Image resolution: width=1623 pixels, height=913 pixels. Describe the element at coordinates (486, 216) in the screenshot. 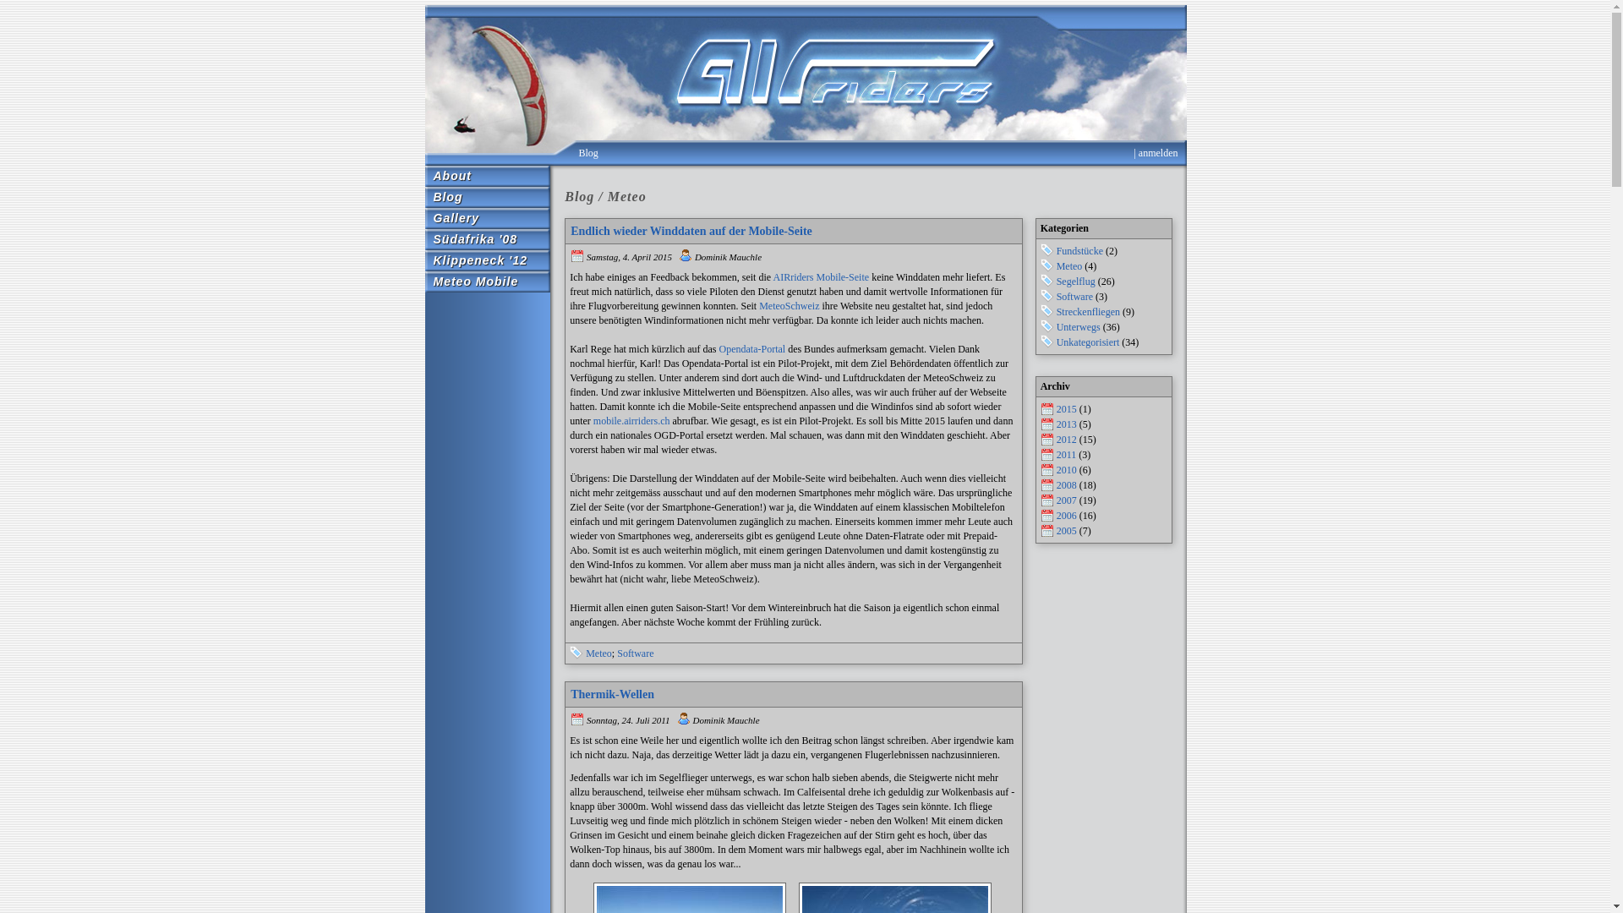

I see `'Gallery'` at that location.